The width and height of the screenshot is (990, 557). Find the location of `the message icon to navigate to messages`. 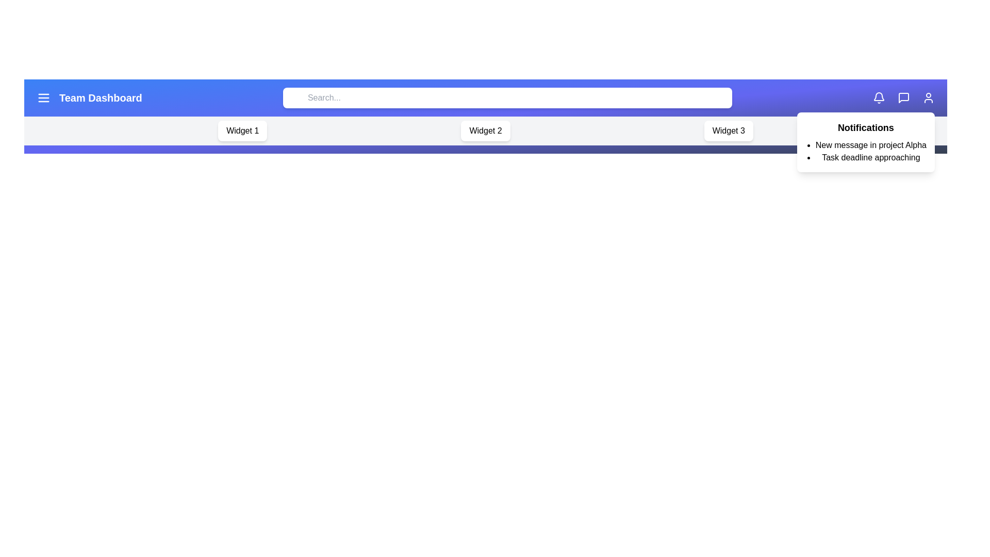

the message icon to navigate to messages is located at coordinates (903, 97).